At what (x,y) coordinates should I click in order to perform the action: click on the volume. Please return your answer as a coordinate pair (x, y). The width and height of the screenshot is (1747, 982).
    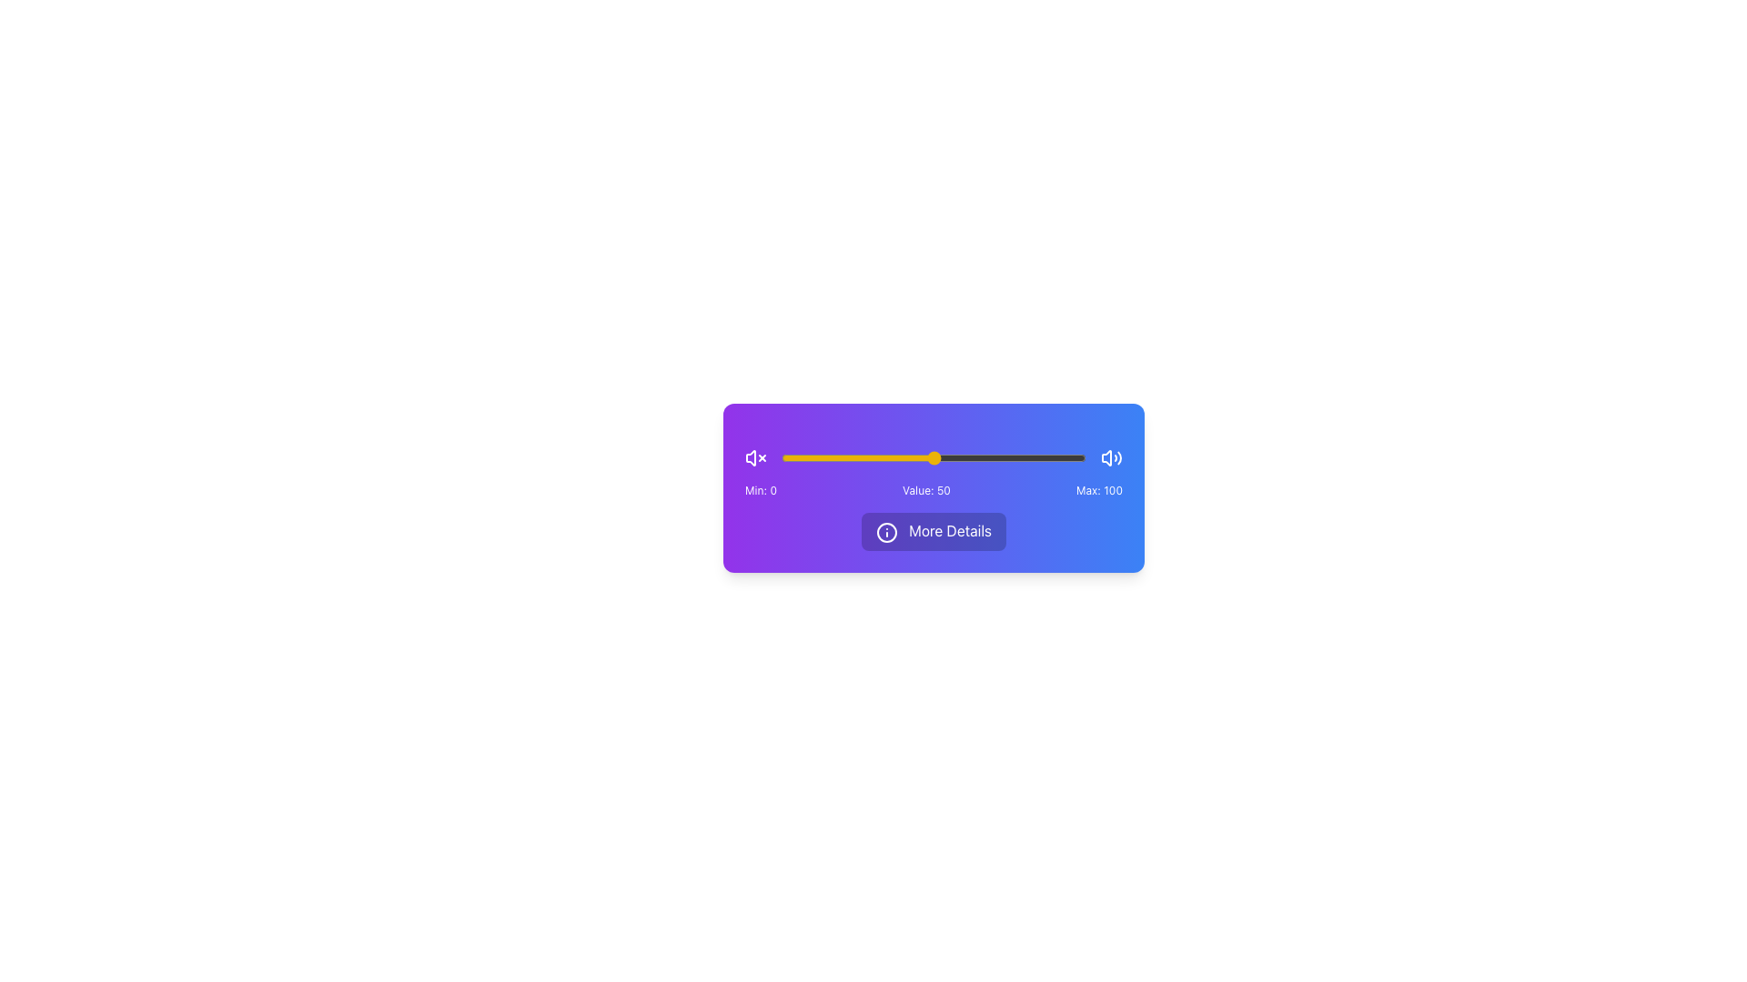
    Looking at the image, I should click on (844, 457).